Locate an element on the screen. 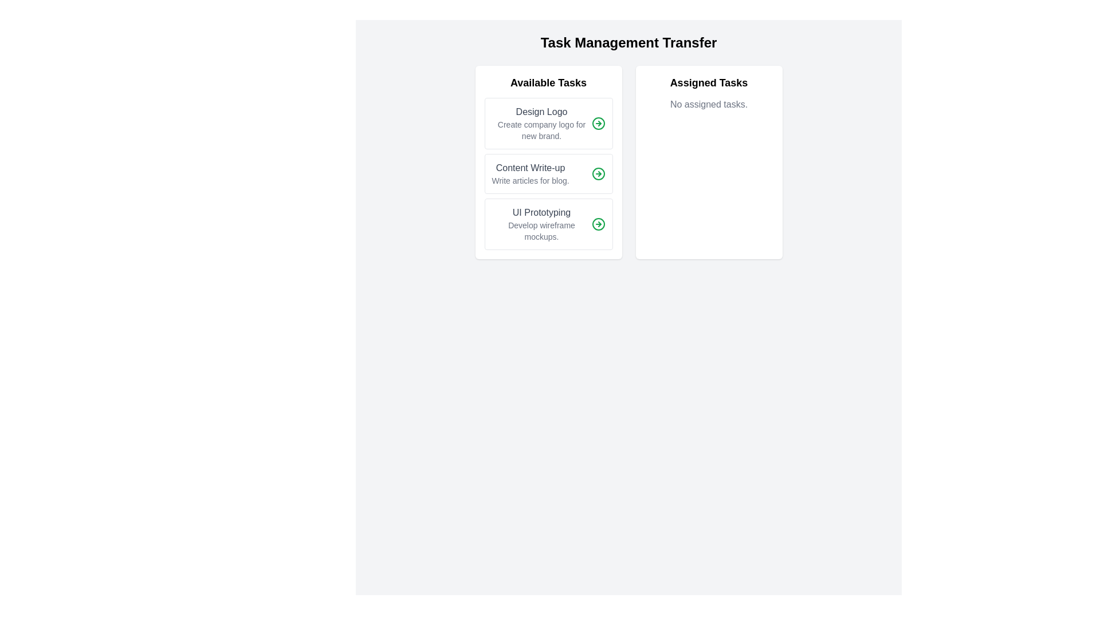 Image resolution: width=1100 pixels, height=618 pixels. the 'Content Write-up' task item in the 'Available Tasks' panel is located at coordinates (548, 174).